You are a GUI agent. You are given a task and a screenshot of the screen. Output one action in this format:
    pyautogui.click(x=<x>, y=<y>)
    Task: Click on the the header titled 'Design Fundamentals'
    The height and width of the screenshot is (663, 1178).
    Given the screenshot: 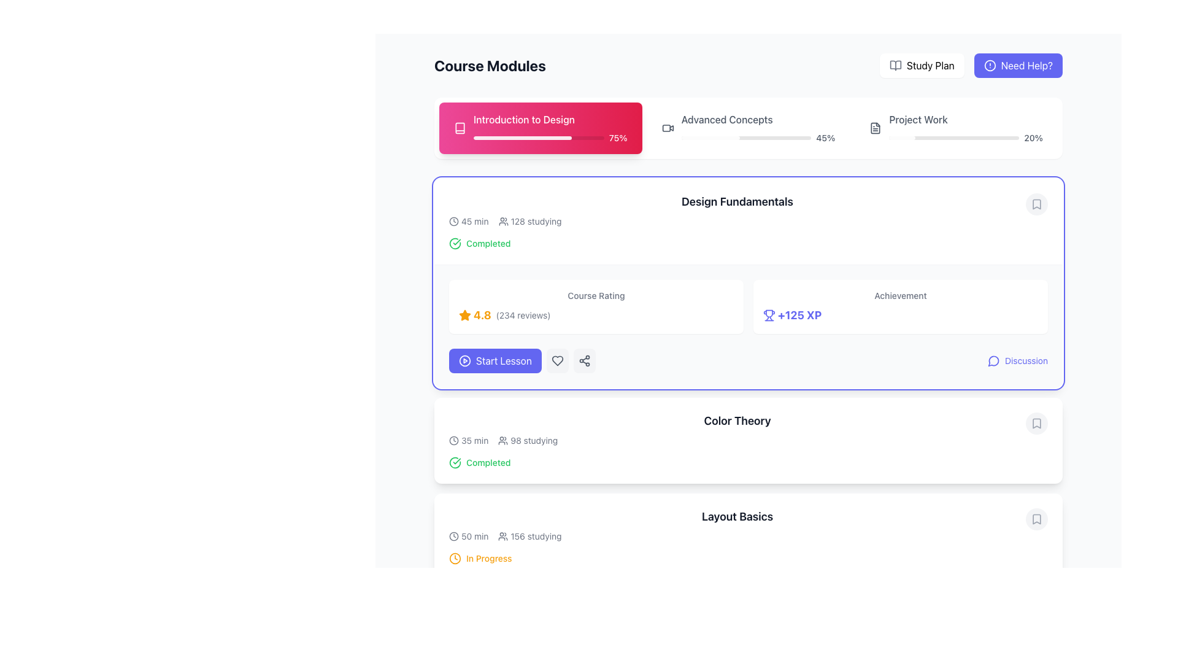 What is the action you would take?
    pyautogui.click(x=736, y=210)
    